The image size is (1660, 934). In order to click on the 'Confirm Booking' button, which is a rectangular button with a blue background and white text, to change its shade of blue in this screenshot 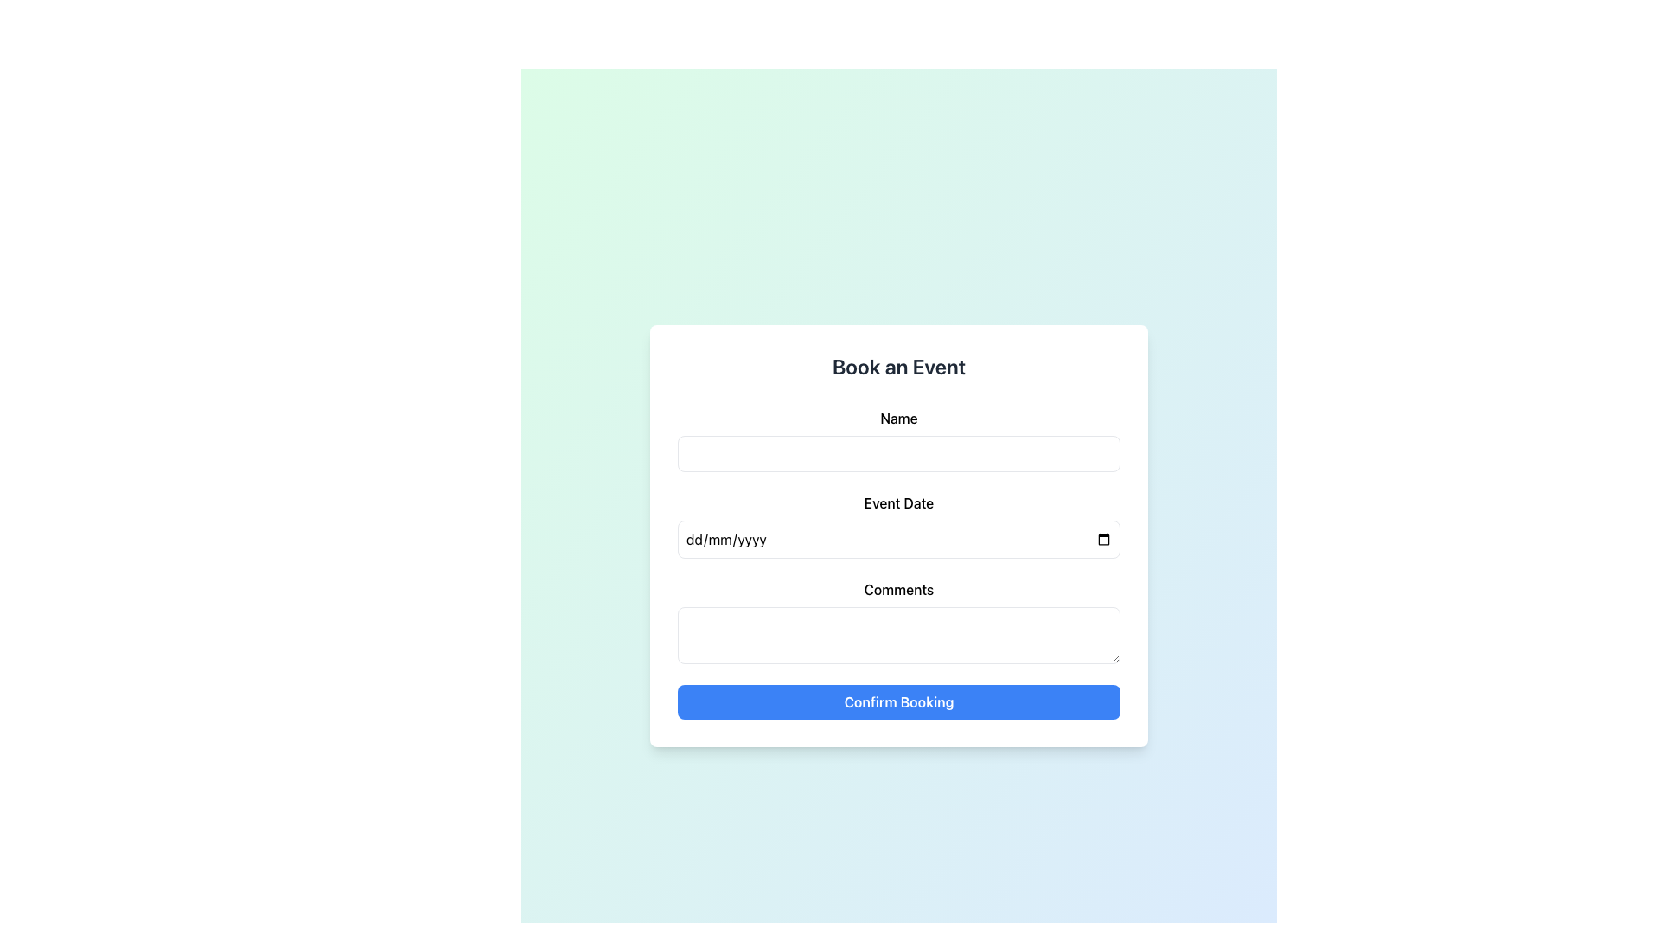, I will do `click(899, 702)`.